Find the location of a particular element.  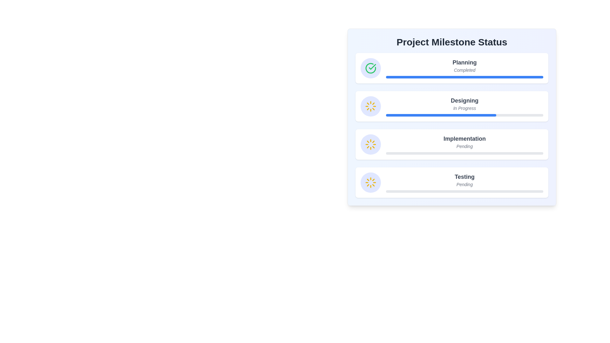

the Progress Card element displaying 'Designing' in bold font and 'In Progress' in italicized gray font, which is the second card in the Project Milestone Status section is located at coordinates (451, 106).